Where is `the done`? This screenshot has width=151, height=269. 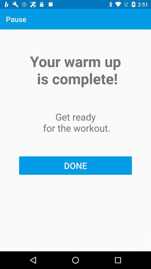 the done is located at coordinates (75, 165).